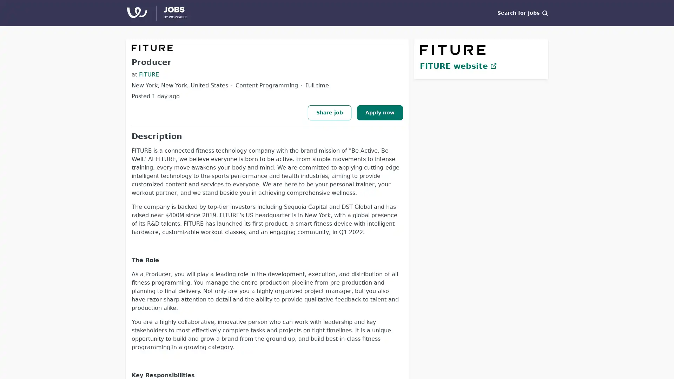 The width and height of the screenshot is (674, 379). Describe the element at coordinates (329, 112) in the screenshot. I see `Share job` at that location.